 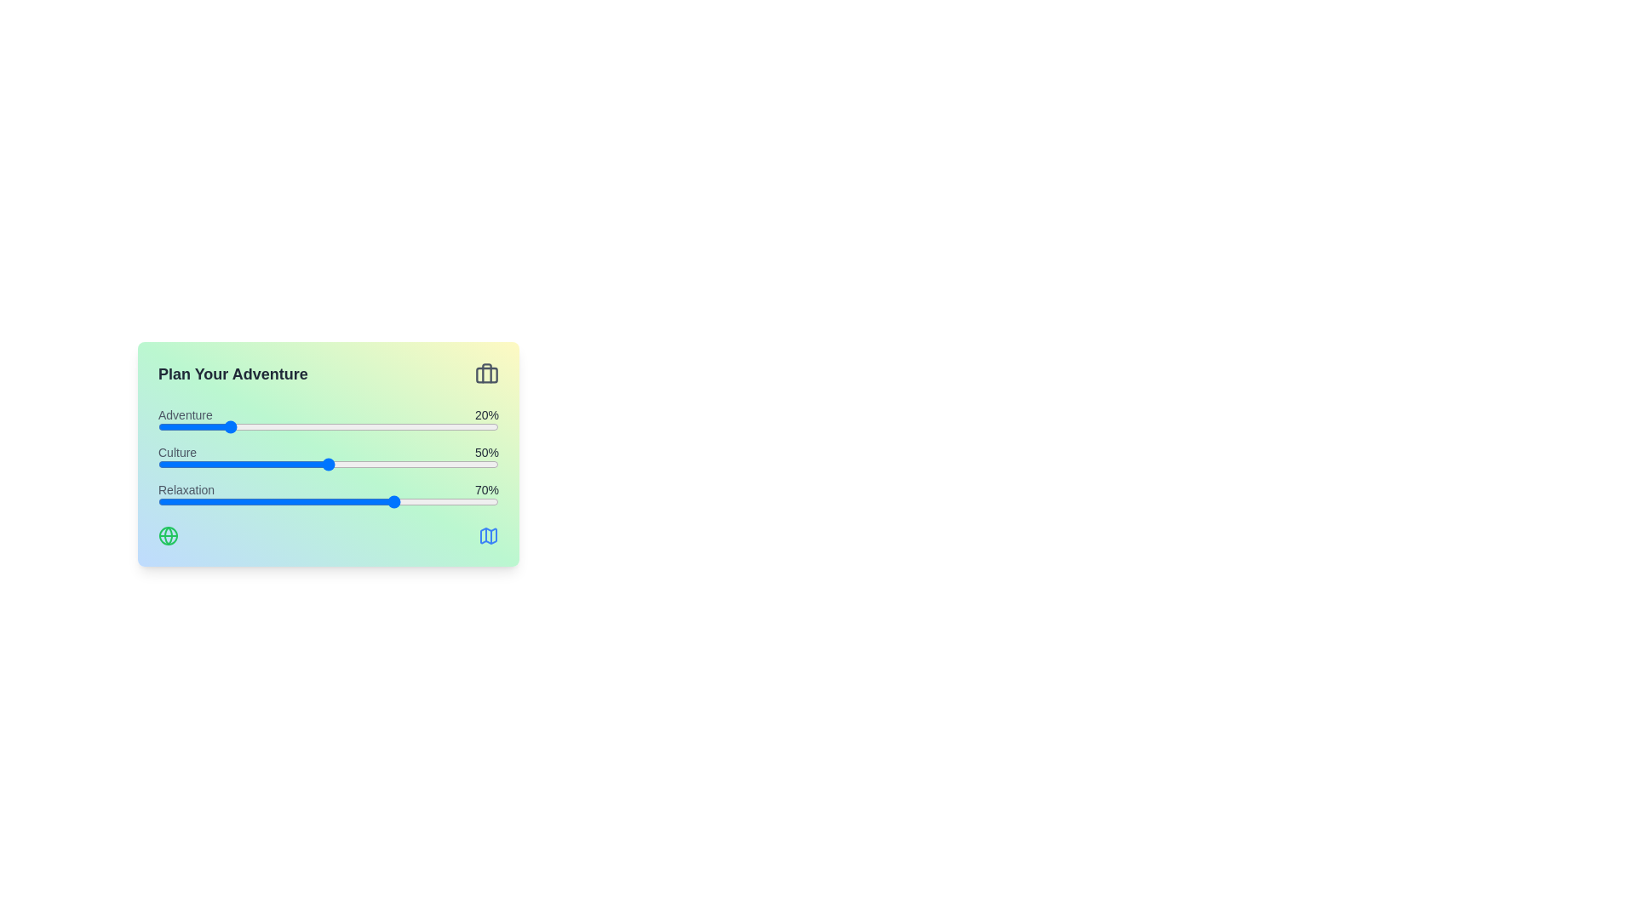 I want to click on the 'Relaxation' slider to 65%, so click(x=379, y=501).